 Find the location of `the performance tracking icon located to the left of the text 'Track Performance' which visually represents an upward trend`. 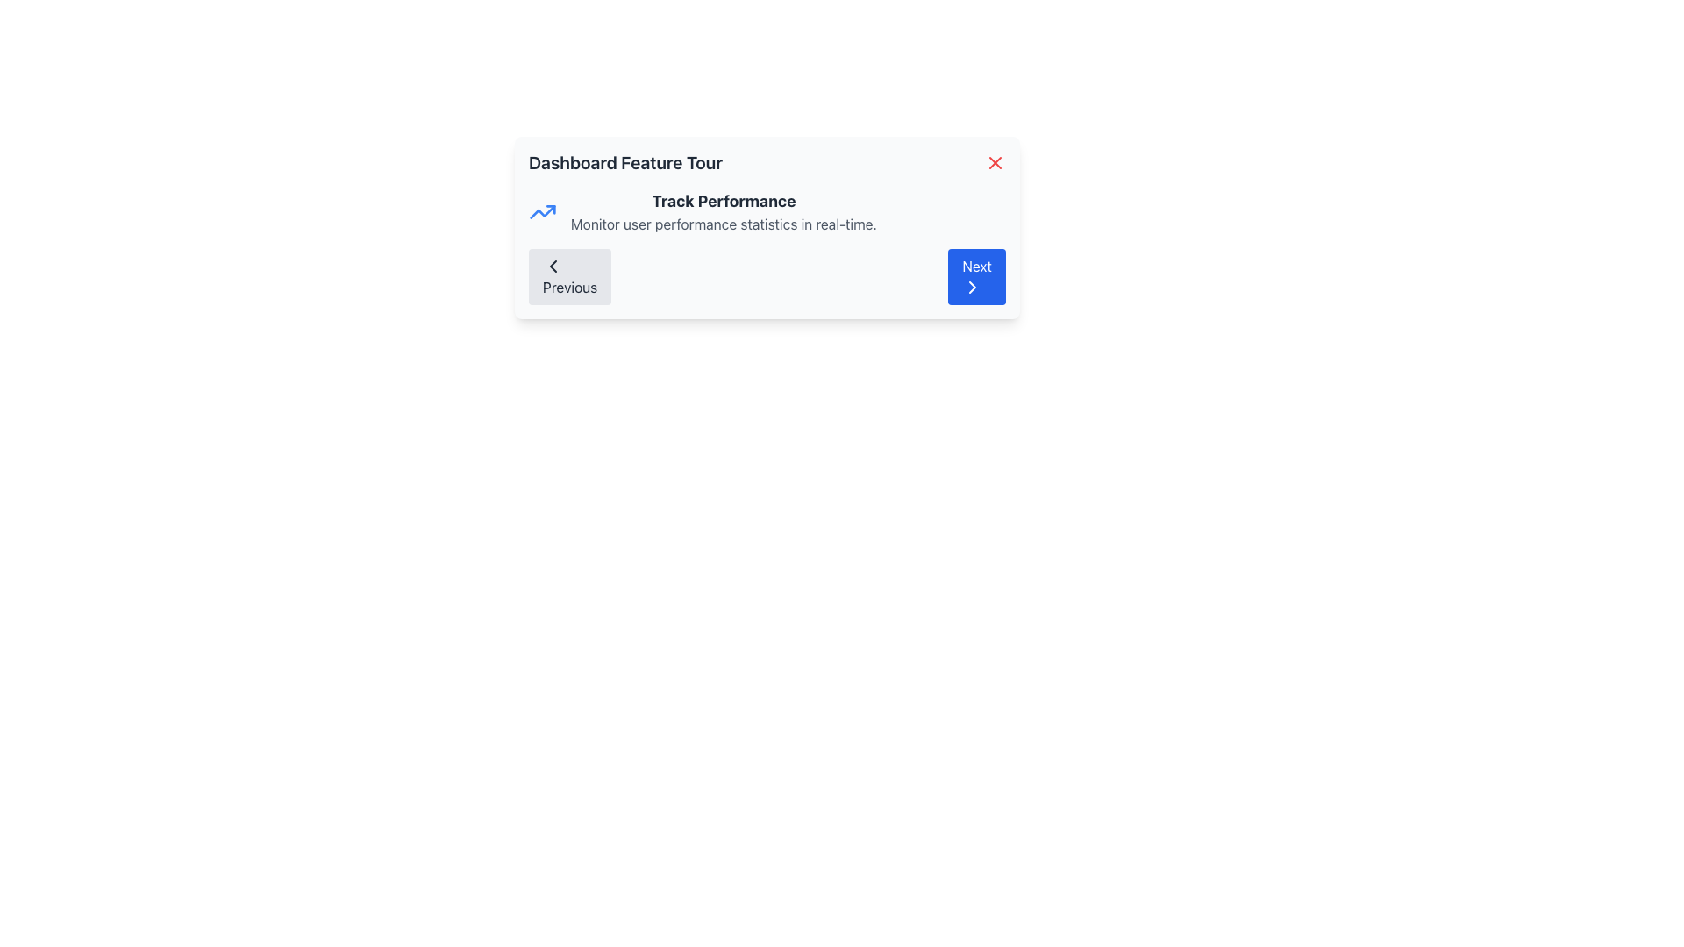

the performance tracking icon located to the left of the text 'Track Performance' which visually represents an upward trend is located at coordinates (542, 211).